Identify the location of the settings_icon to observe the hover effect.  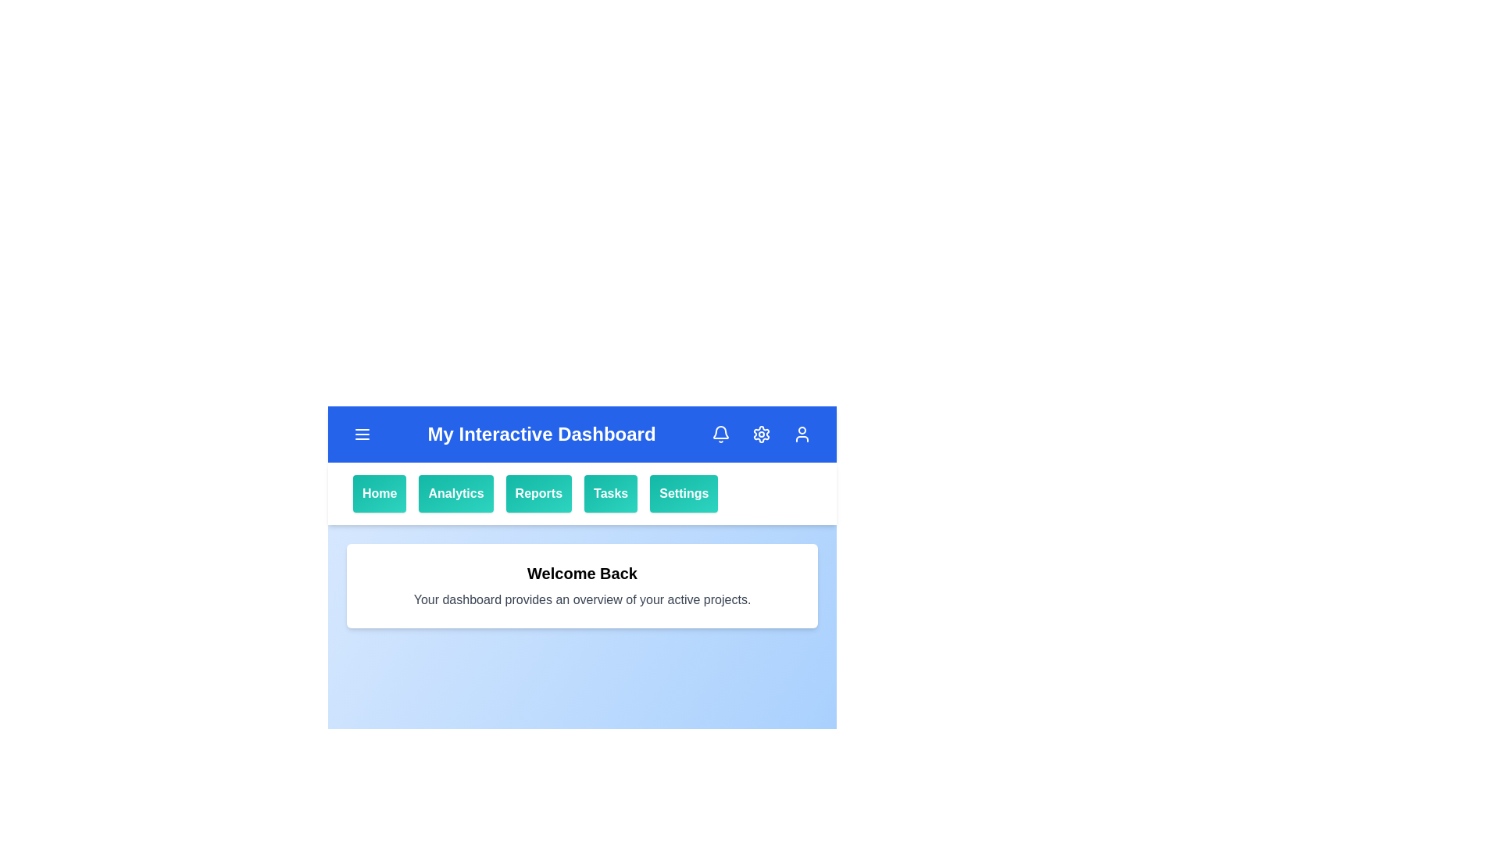
(761, 434).